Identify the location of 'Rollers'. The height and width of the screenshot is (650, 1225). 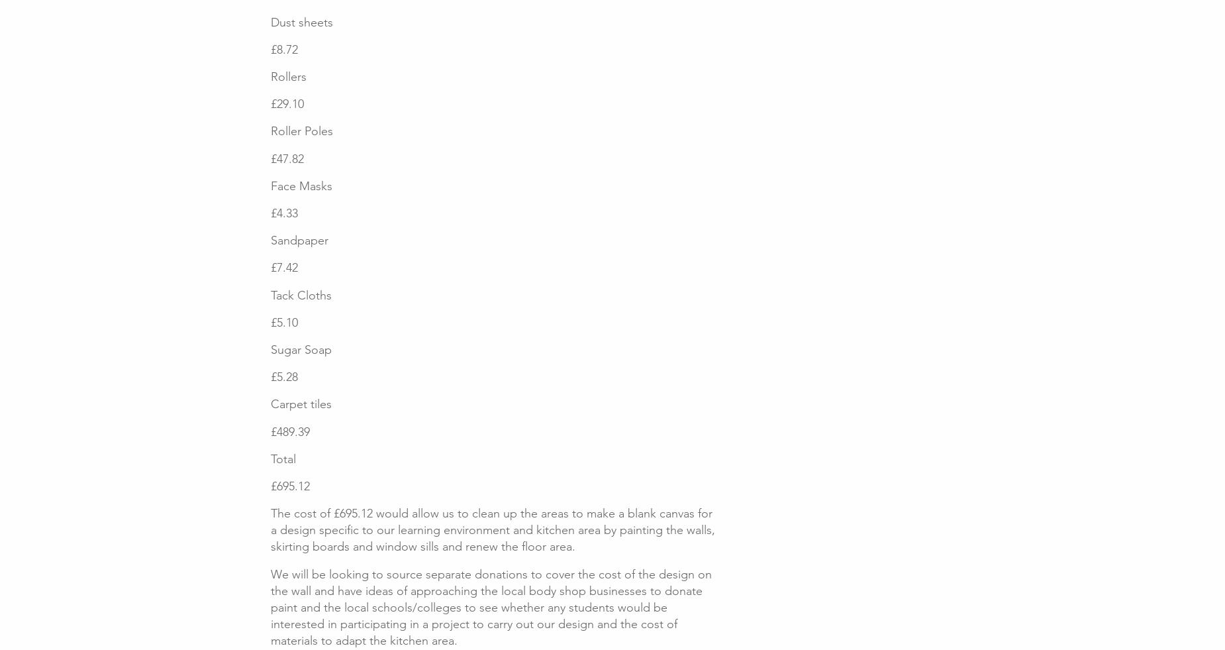
(288, 76).